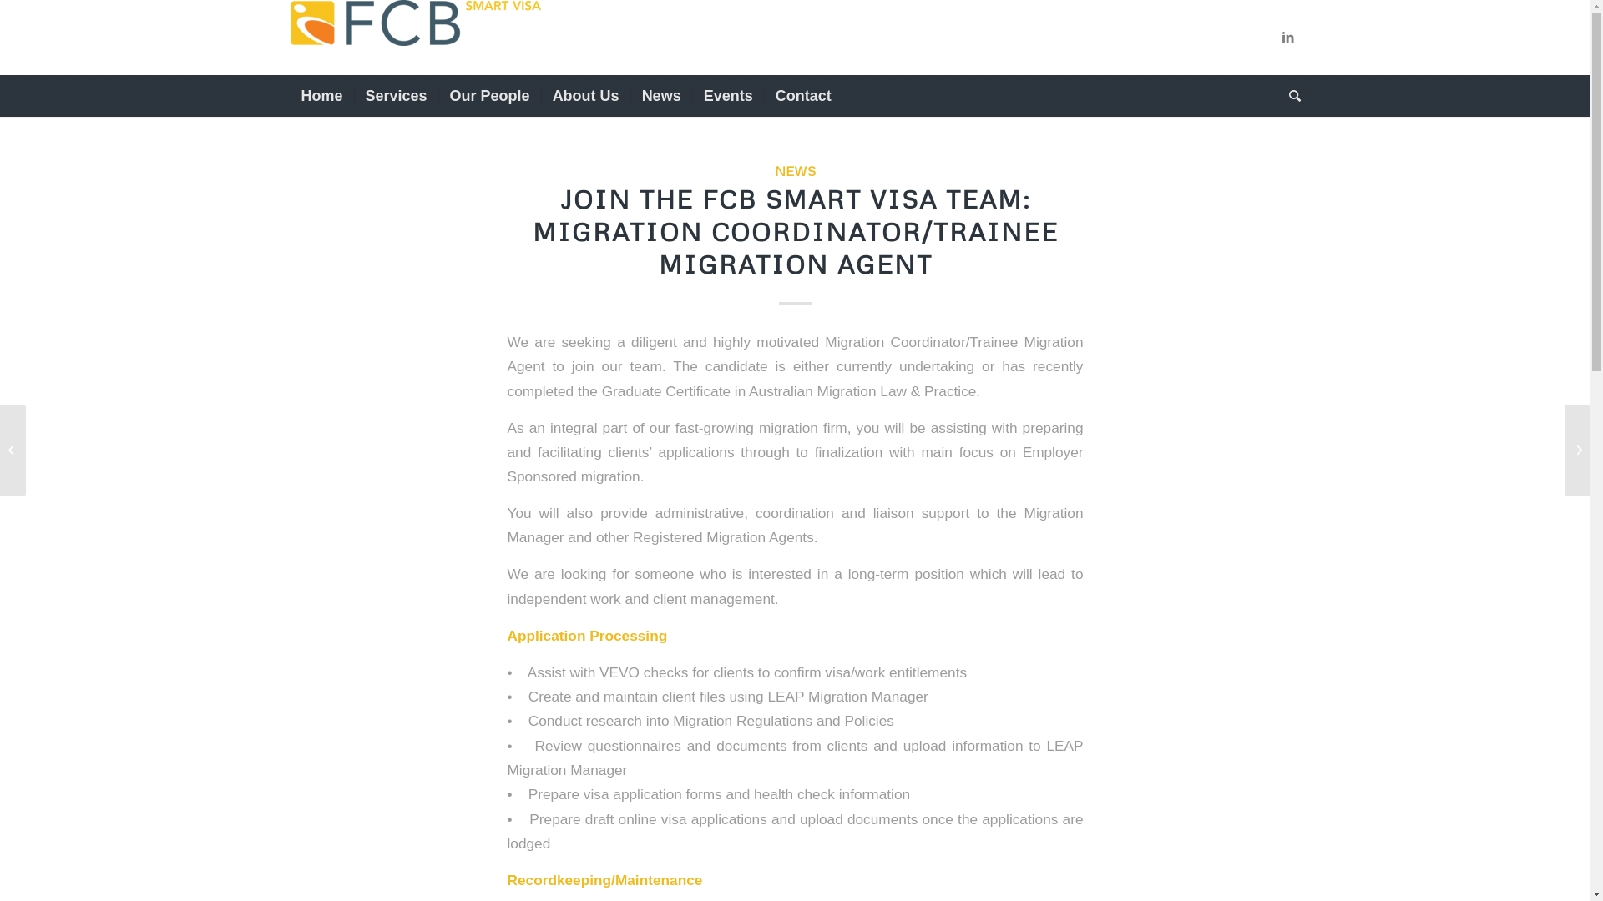 The width and height of the screenshot is (1603, 901). Describe the element at coordinates (585, 96) in the screenshot. I see `'About Us'` at that location.